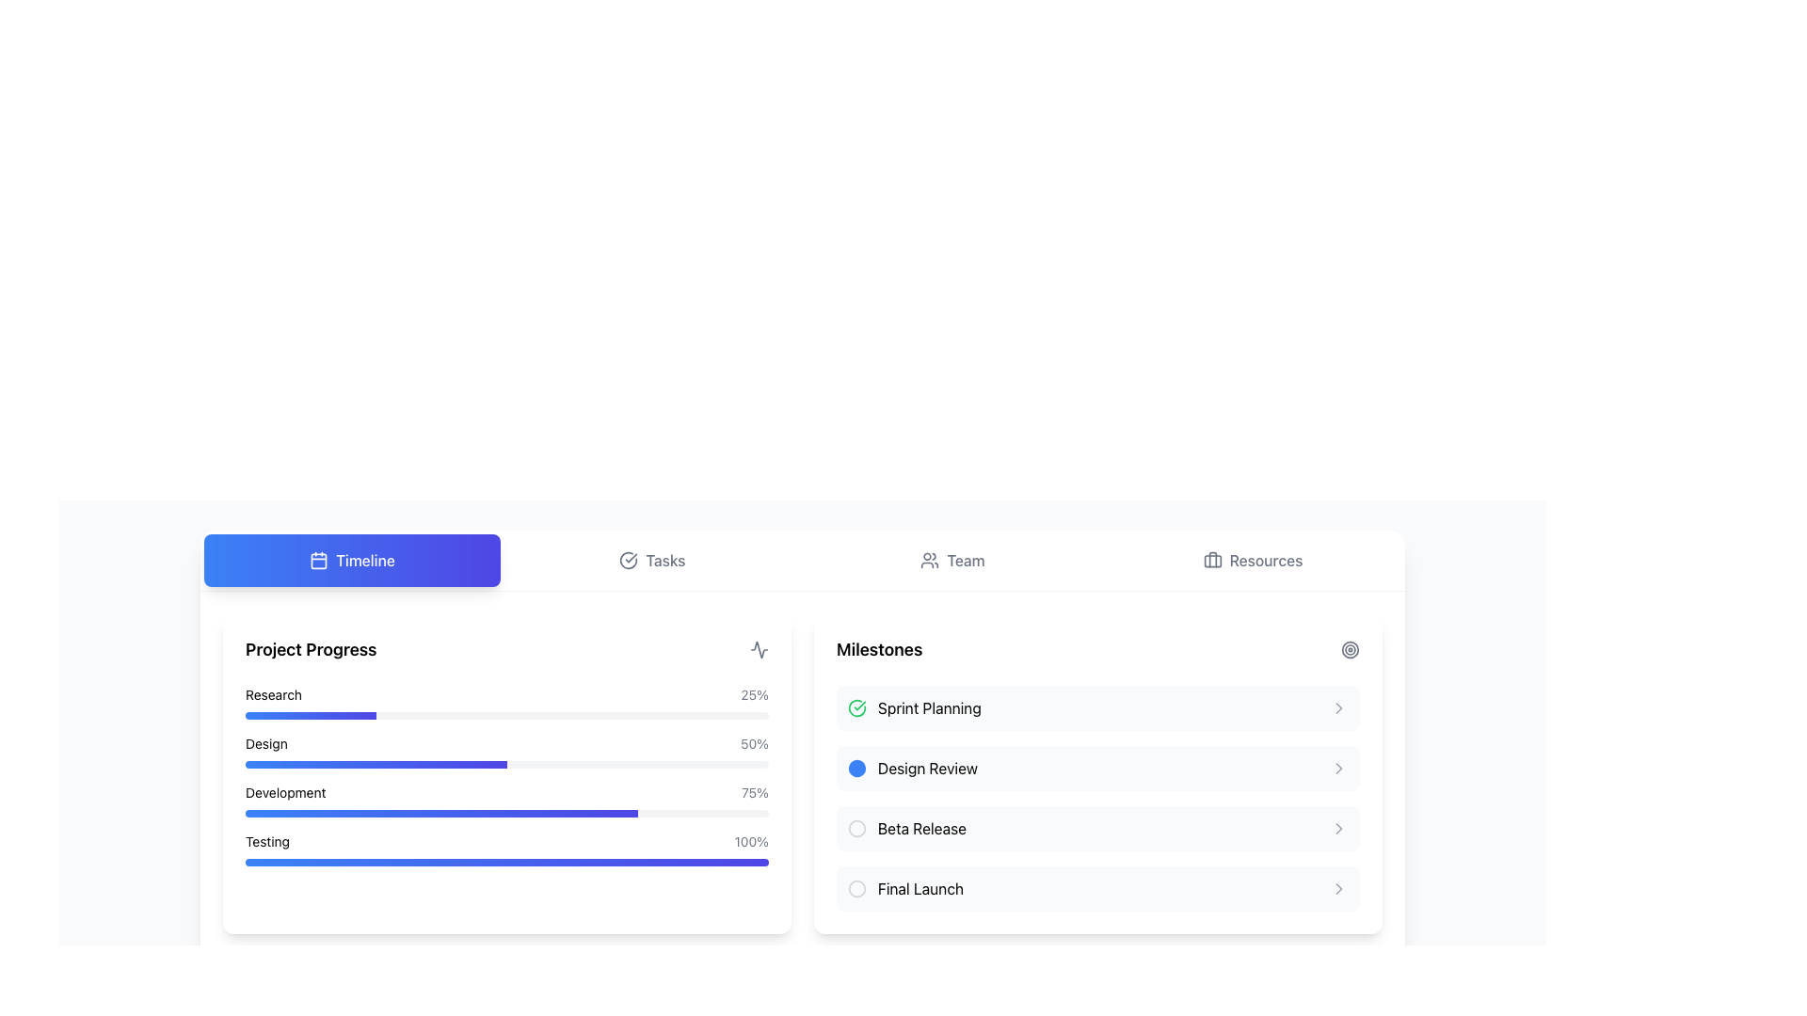 The image size is (1807, 1016). Describe the element at coordinates (506, 793) in the screenshot. I see `progress information of the 'Development' phase, which is represented as the third progress item in the 'Project Progress' section` at that location.